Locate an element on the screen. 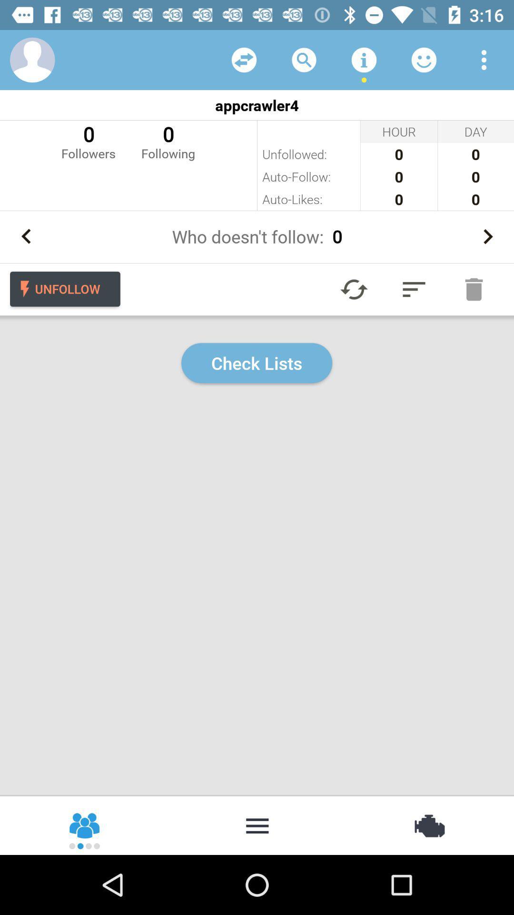  profile is located at coordinates (32, 59).